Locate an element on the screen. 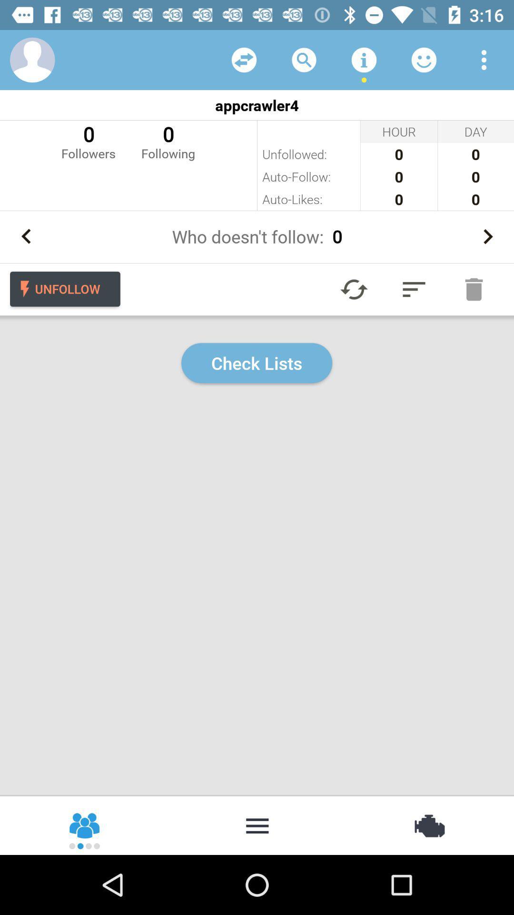  profile is located at coordinates (32, 59).